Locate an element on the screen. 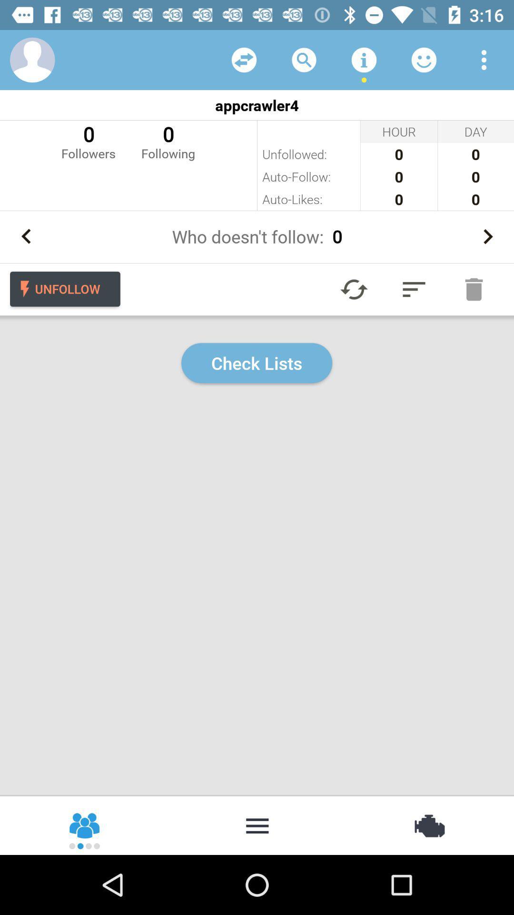  profile is located at coordinates (32, 59).